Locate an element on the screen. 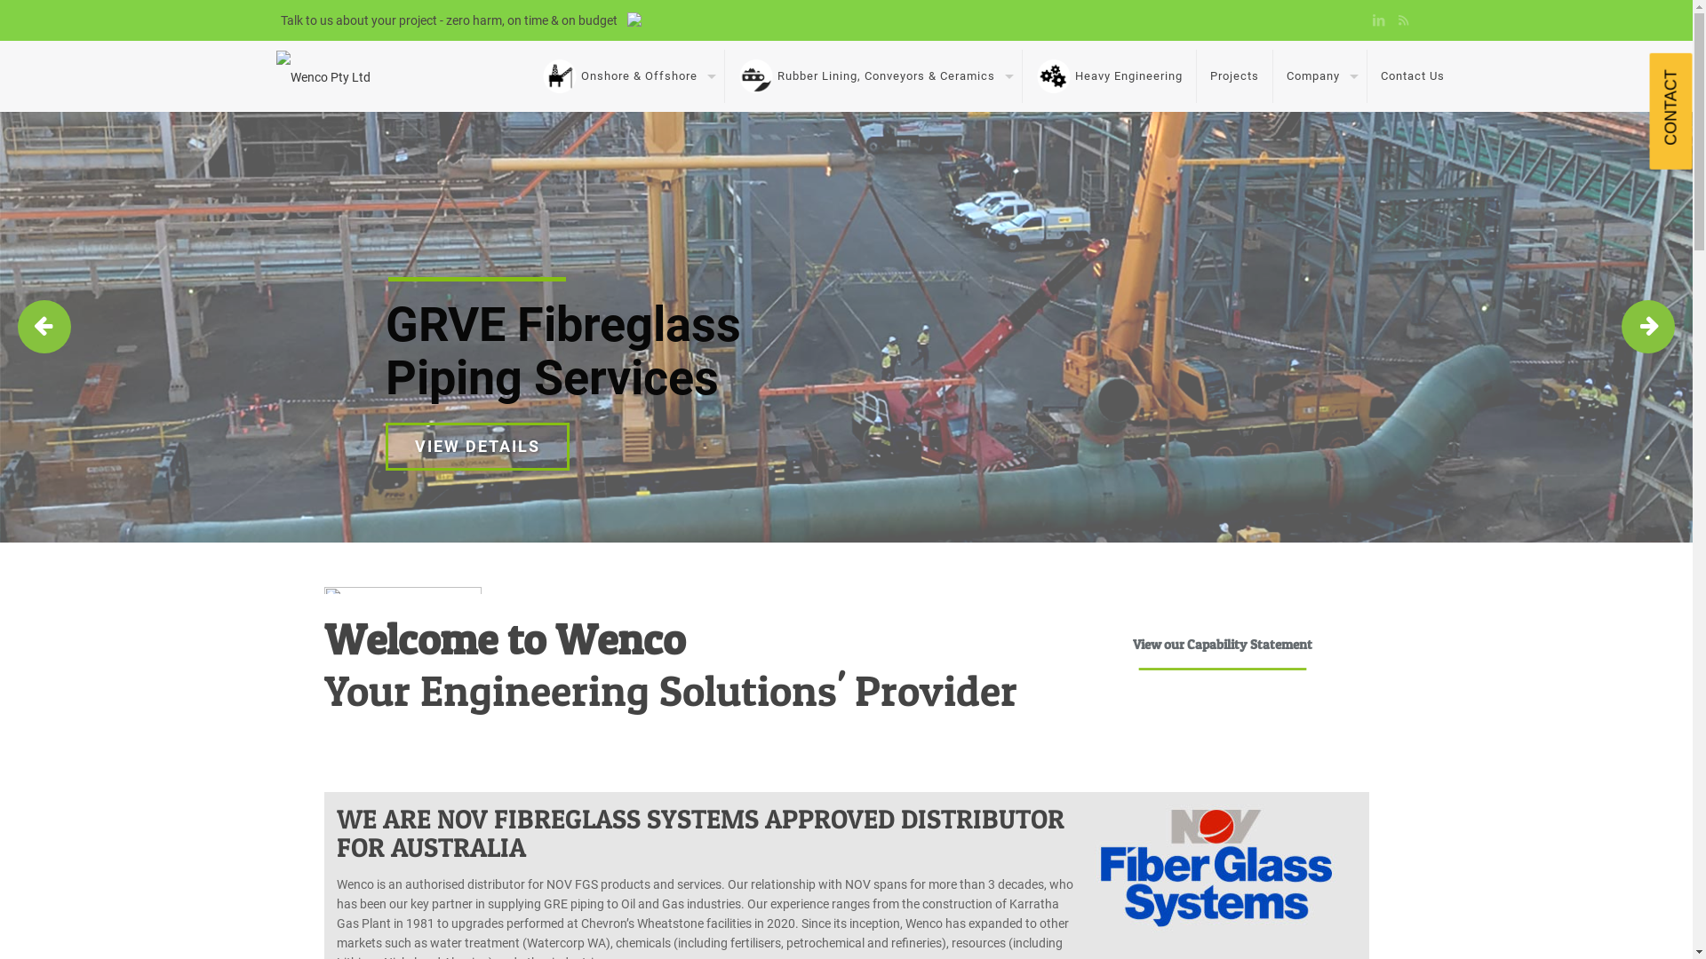 This screenshot has height=959, width=1706. 'LinkedIn' is located at coordinates (1378, 20).